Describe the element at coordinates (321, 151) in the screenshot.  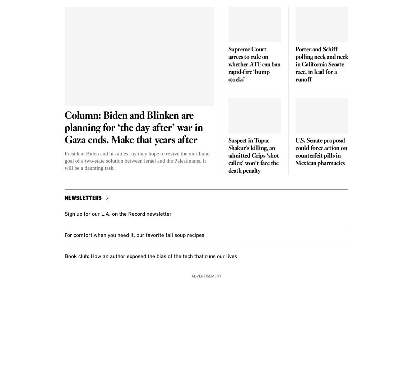
I see `'U.S. Senate proposal could force action on counterfeit pills in Mexican pharmacies'` at that location.